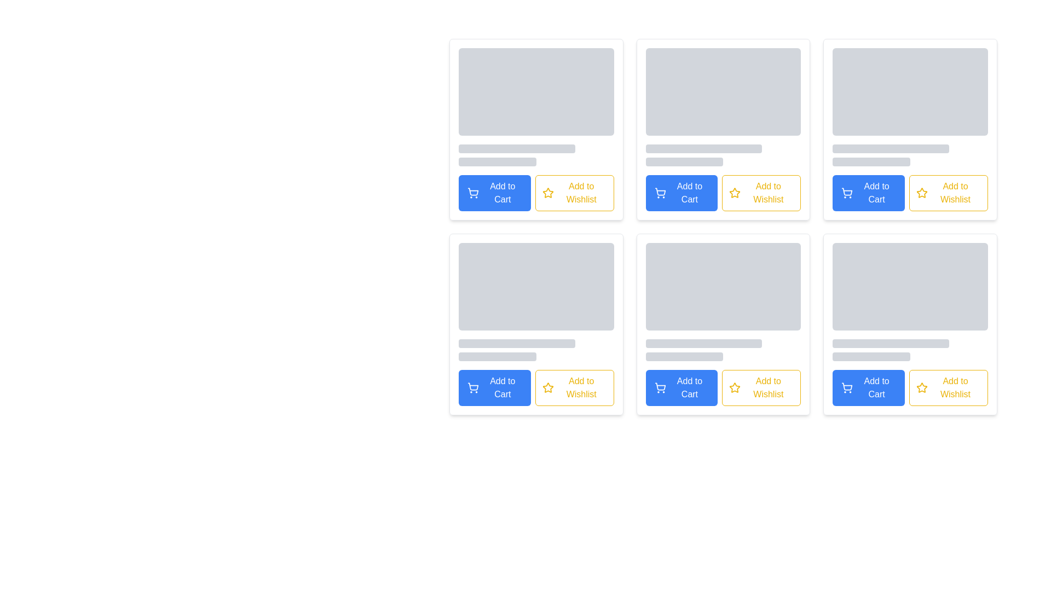 The width and height of the screenshot is (1051, 591). What do you see at coordinates (723, 91) in the screenshot?
I see `the image placeholder located in the second column of the top row, which serves as a visual representation for image content in a card-like component` at bounding box center [723, 91].